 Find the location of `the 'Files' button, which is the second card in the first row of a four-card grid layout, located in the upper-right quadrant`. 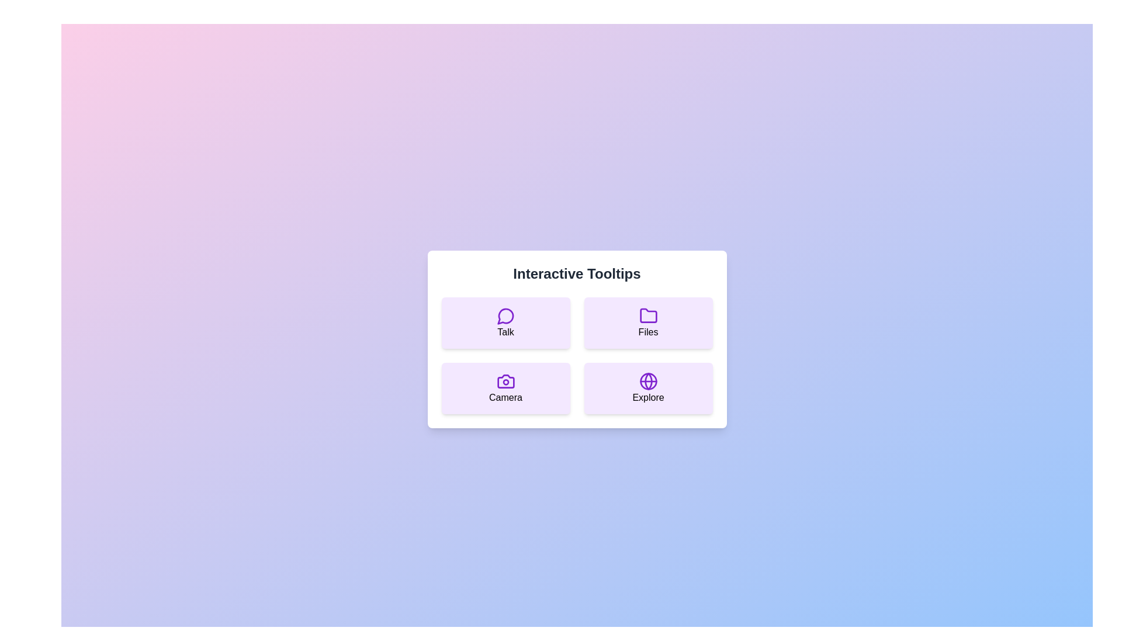

the 'Files' button, which is the second card in the first row of a four-card grid layout, located in the upper-right quadrant is located at coordinates (647, 323).